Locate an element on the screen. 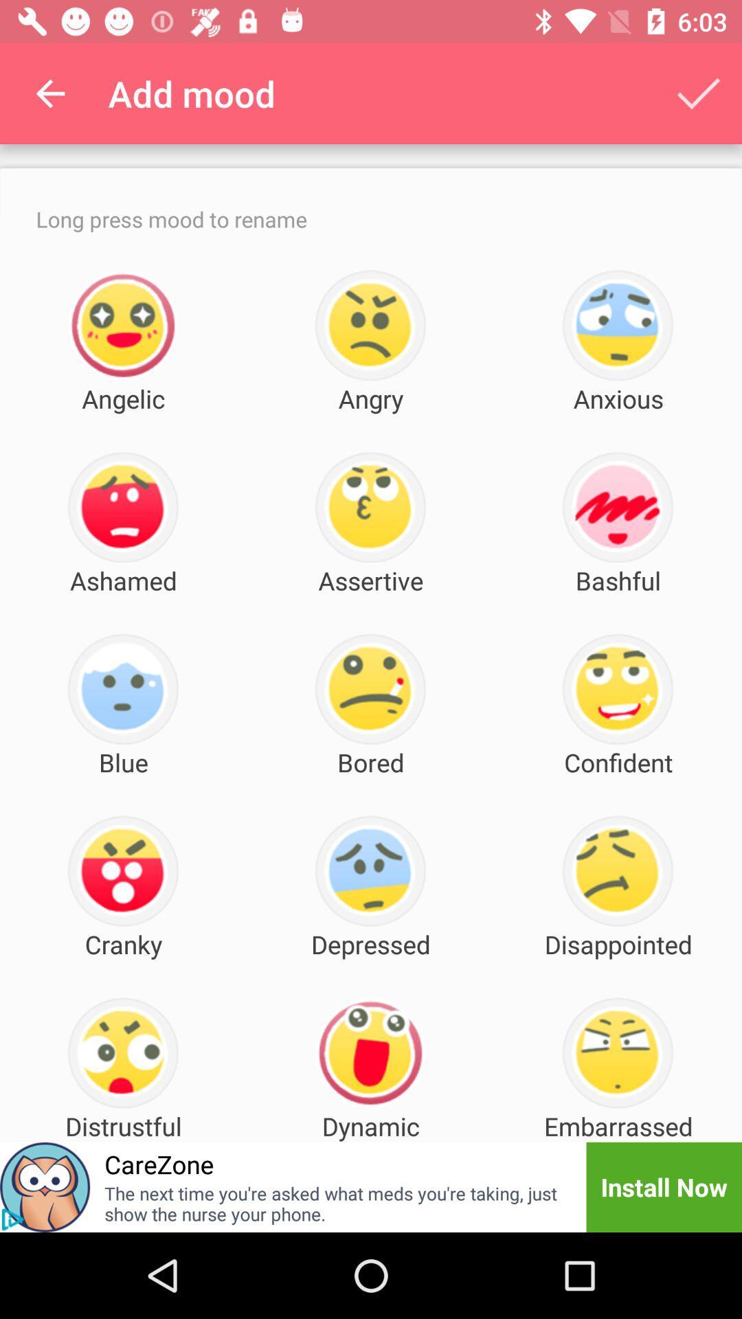  install now item is located at coordinates (663, 1186).